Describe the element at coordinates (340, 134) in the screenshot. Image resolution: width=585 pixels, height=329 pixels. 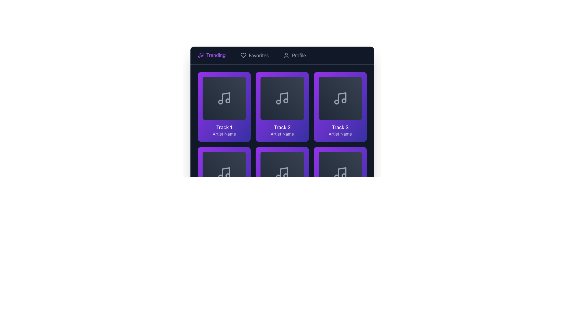
I see `displayed text of the label showing the artist's name for 'Track 3', located at the bottom of the card` at that location.